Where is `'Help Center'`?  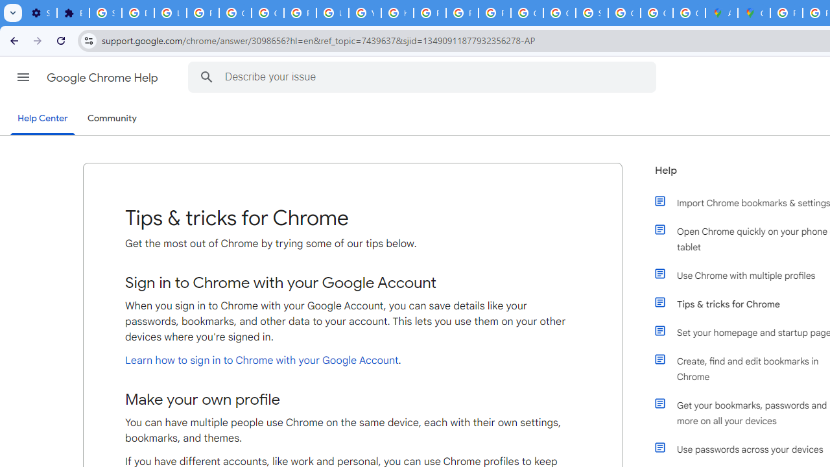 'Help Center' is located at coordinates (42, 119).